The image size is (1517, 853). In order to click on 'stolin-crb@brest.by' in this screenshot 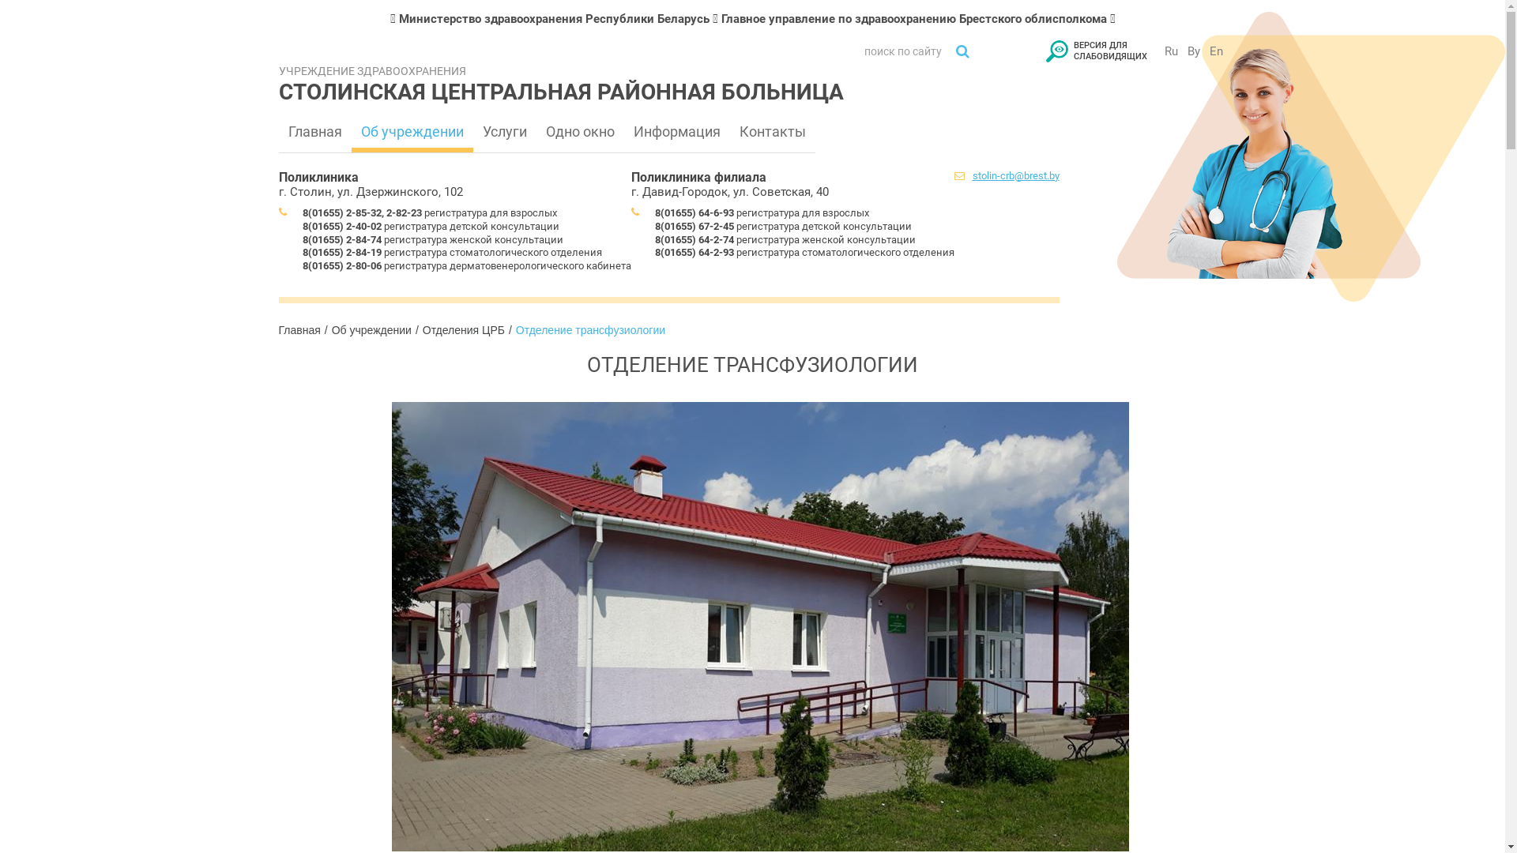, I will do `click(1015, 175)`.